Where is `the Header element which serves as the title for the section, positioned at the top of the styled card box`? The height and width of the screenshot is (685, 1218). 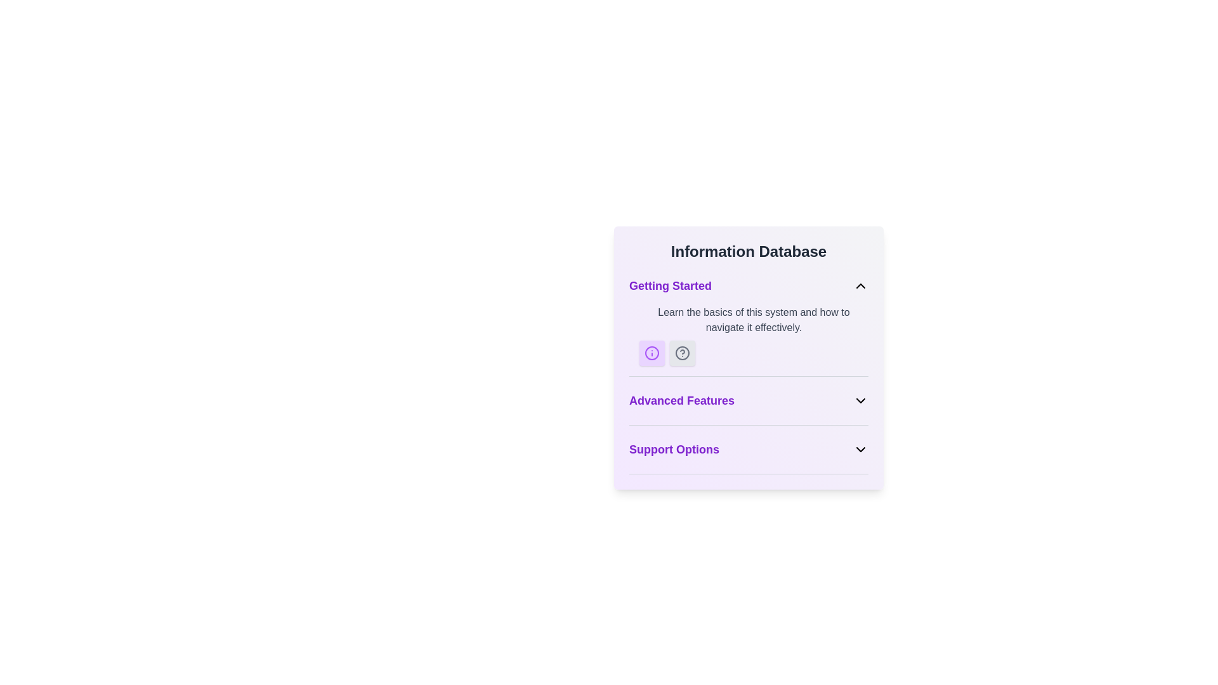
the Header element which serves as the title for the section, positioned at the top of the styled card box is located at coordinates (749, 252).